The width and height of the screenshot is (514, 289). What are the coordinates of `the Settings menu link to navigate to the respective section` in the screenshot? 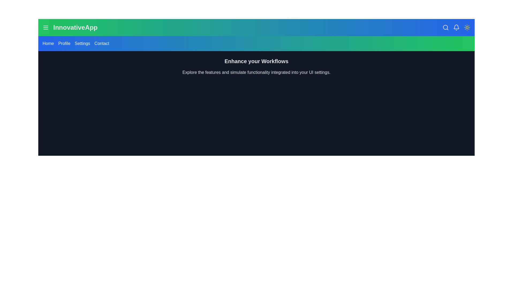 It's located at (82, 43).